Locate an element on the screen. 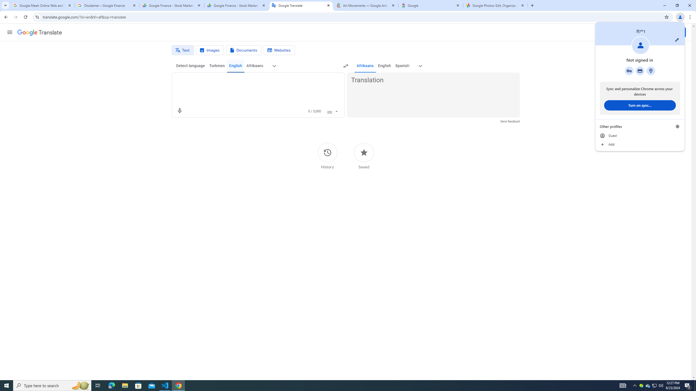 This screenshot has height=391, width=696. 'Google' is located at coordinates (430, 5).